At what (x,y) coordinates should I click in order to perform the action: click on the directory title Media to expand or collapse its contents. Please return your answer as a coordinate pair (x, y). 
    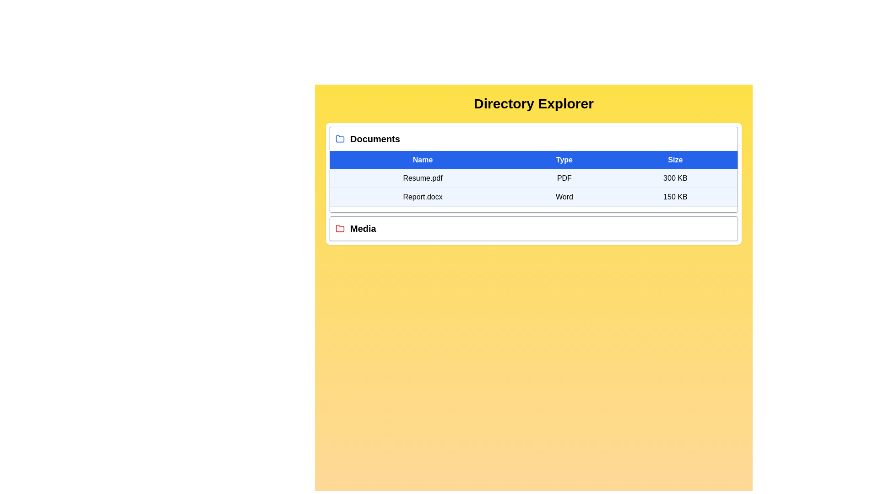
    Looking at the image, I should click on (362, 228).